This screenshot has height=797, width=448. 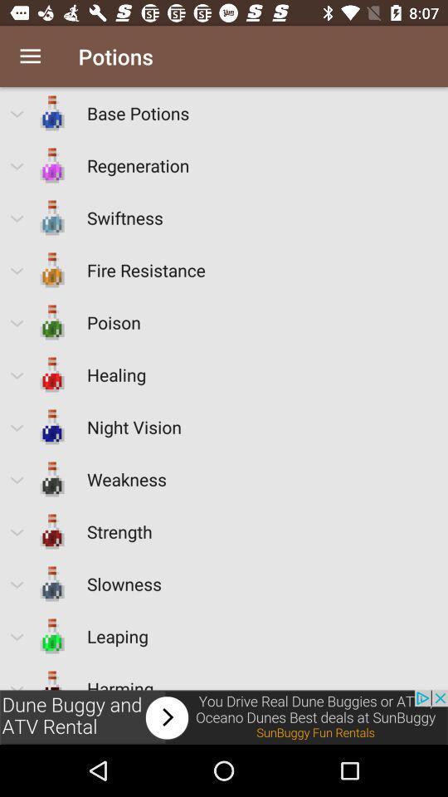 I want to click on the icon which is left to the text base potions, so click(x=52, y=112).